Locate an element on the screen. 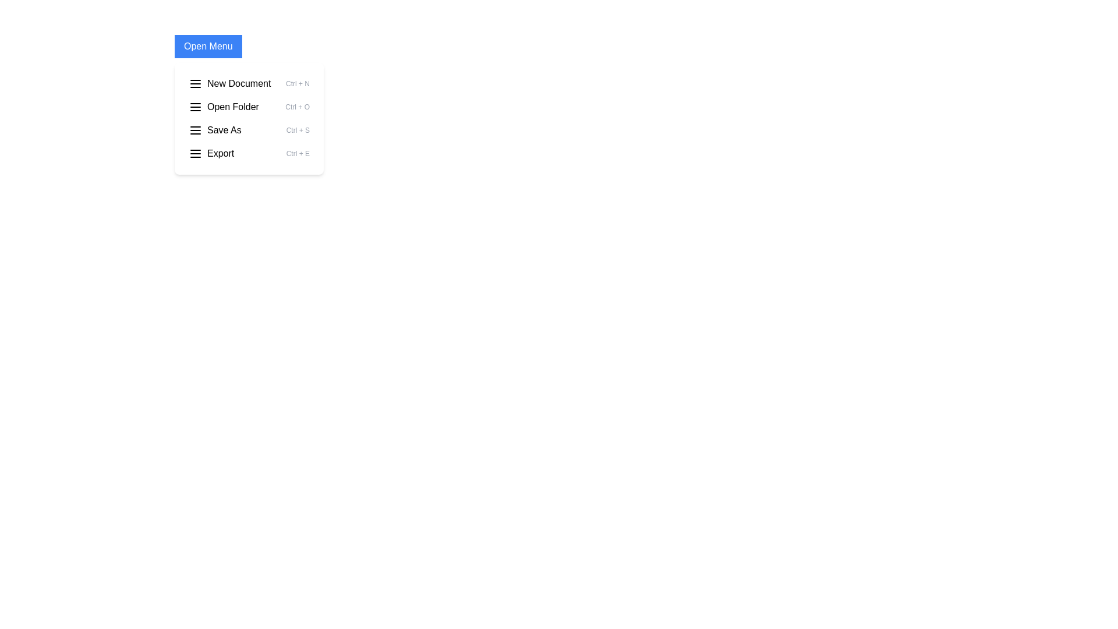 The width and height of the screenshot is (1118, 629). the Menu item icon, which is composed of three horizontally-aligned black lines and is positioned to the left of the 'Save As' text in the menu panel is located at coordinates (196, 130).